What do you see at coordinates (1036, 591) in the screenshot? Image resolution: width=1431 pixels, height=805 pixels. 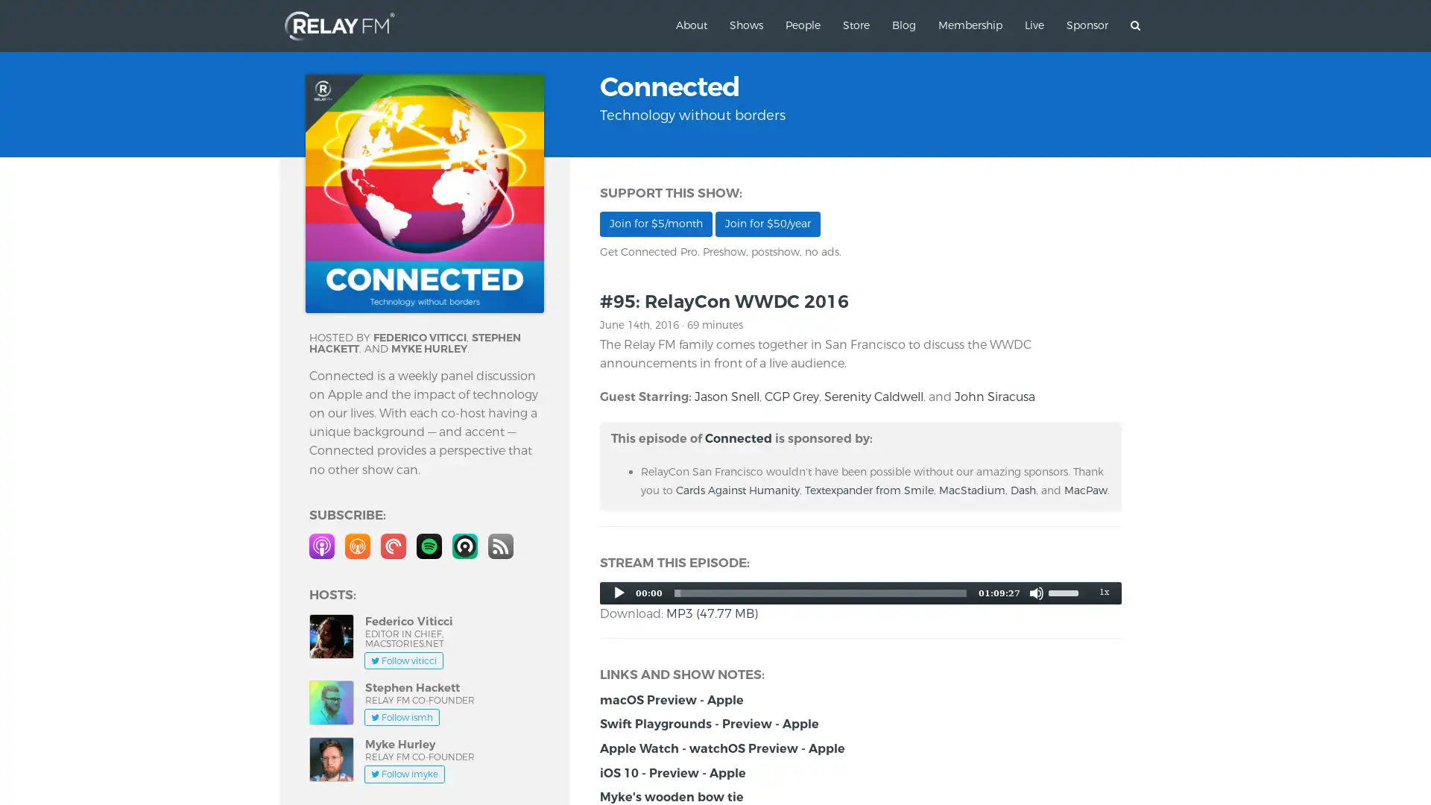 I see `Mute` at bounding box center [1036, 591].